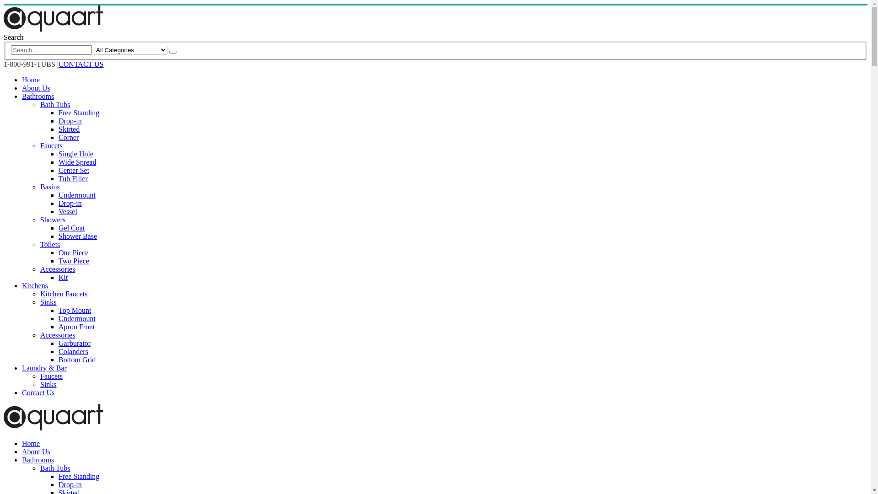  What do you see at coordinates (49, 186) in the screenshot?
I see `'Basins'` at bounding box center [49, 186].